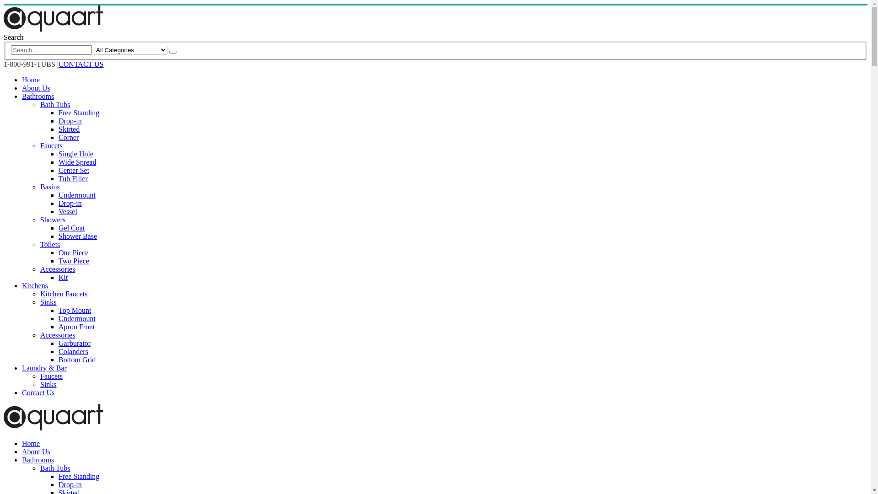  What do you see at coordinates (49, 186) in the screenshot?
I see `'Basins'` at bounding box center [49, 186].